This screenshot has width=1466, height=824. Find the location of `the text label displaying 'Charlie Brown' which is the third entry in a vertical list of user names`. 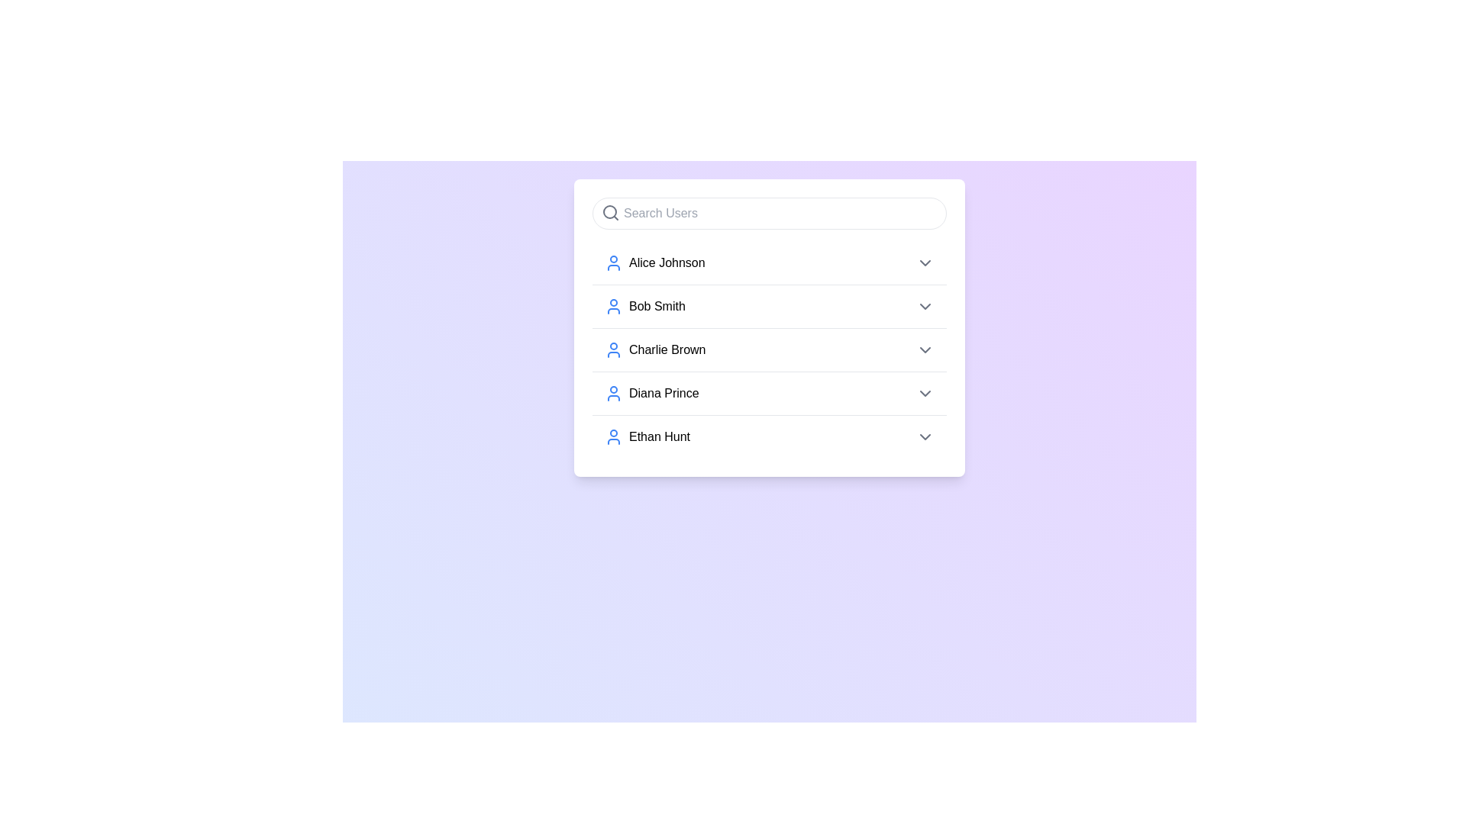

the text label displaying 'Charlie Brown' which is the third entry in a vertical list of user names is located at coordinates (667, 350).